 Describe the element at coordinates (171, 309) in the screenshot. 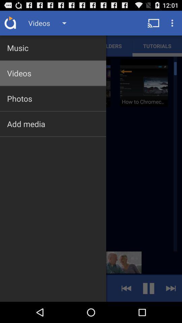

I see `the skip_next icon` at that location.